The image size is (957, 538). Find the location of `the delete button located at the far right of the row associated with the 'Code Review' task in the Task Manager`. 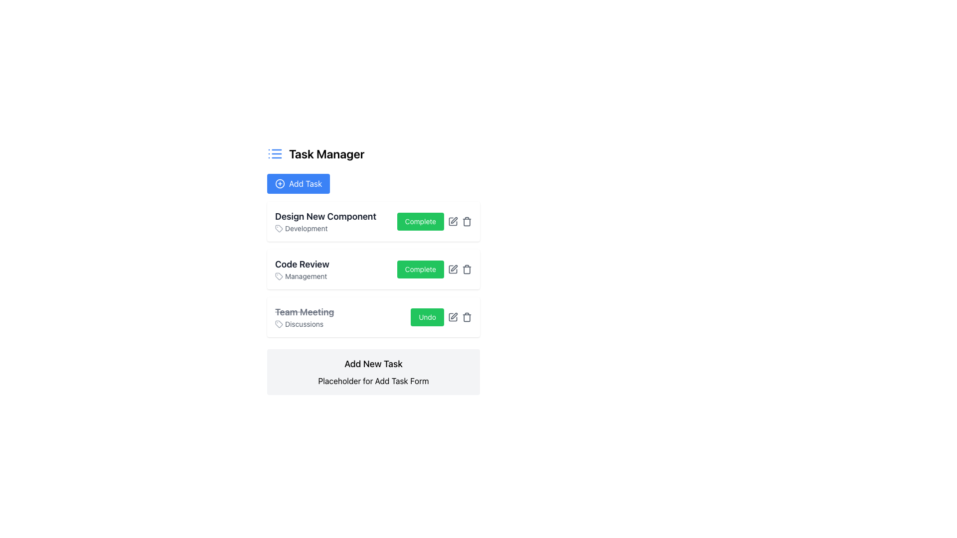

the delete button located at the far right of the row associated with the 'Code Review' task in the Task Manager is located at coordinates (466, 269).